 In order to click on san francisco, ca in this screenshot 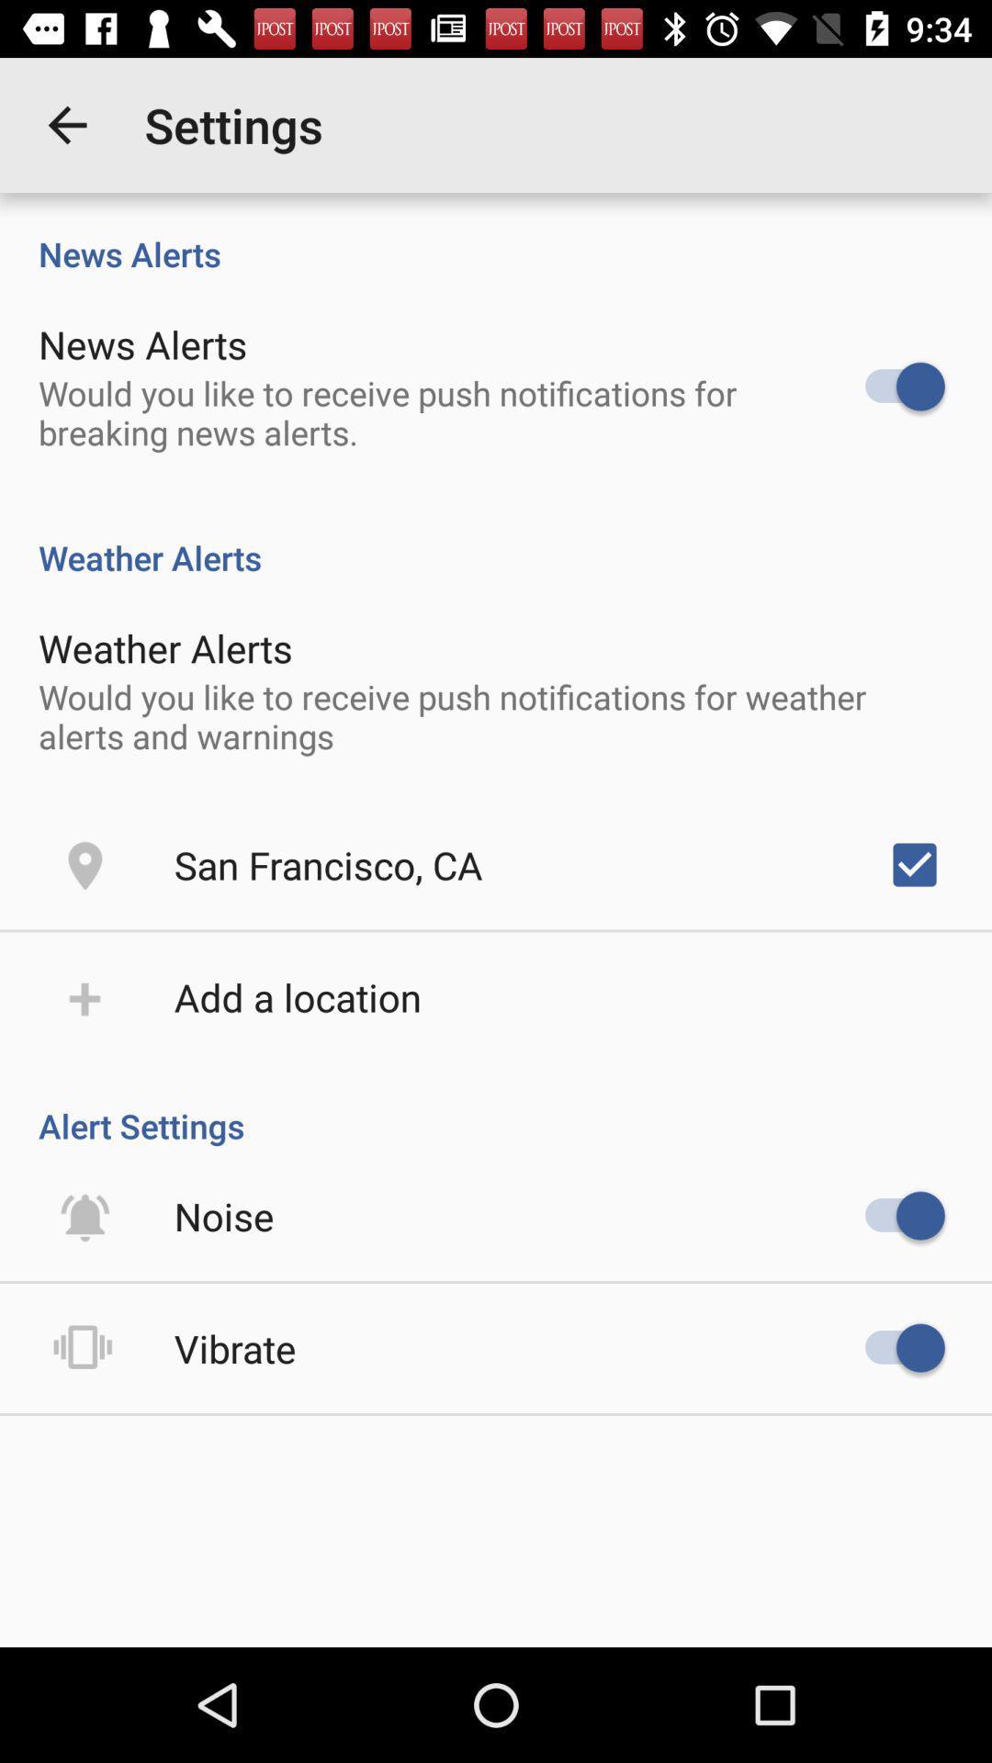, I will do `click(327, 863)`.